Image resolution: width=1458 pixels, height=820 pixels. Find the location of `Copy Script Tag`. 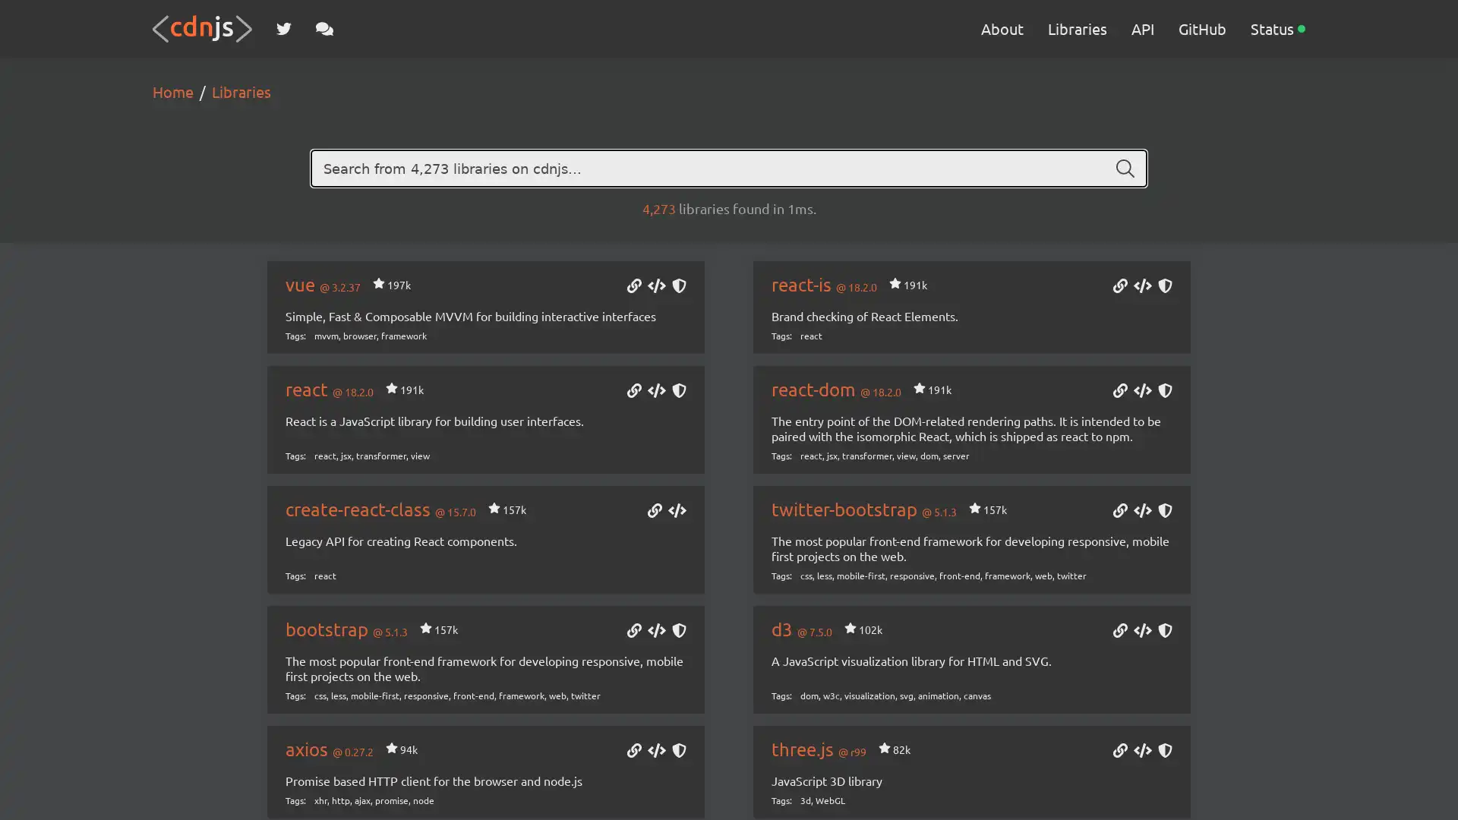

Copy Script Tag is located at coordinates (1141, 391).